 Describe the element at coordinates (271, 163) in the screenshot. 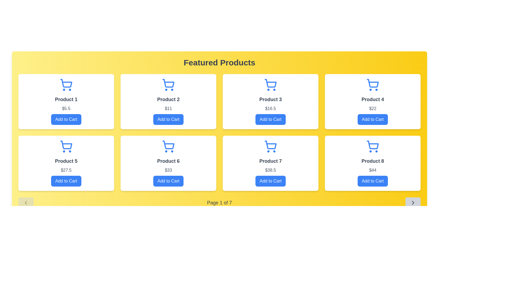

I see `details of the product card for 'Product 7', which includes the product name, price, and 'Add to Cart' button, located in the second row and third column of the grid layout` at that location.